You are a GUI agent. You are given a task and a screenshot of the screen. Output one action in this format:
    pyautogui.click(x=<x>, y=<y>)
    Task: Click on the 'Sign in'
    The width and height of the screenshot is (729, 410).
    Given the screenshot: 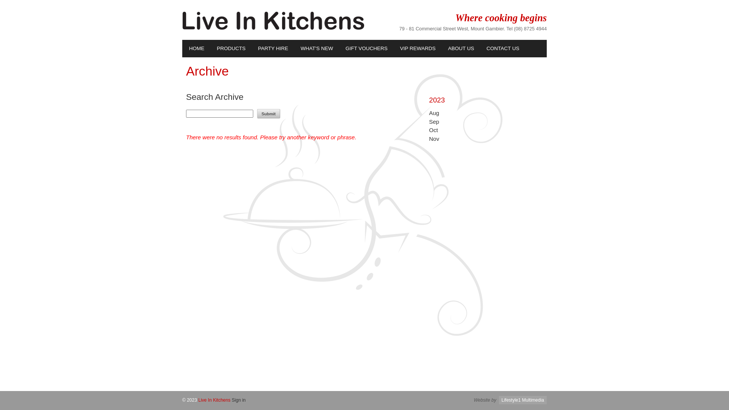 What is the action you would take?
    pyautogui.click(x=238, y=399)
    